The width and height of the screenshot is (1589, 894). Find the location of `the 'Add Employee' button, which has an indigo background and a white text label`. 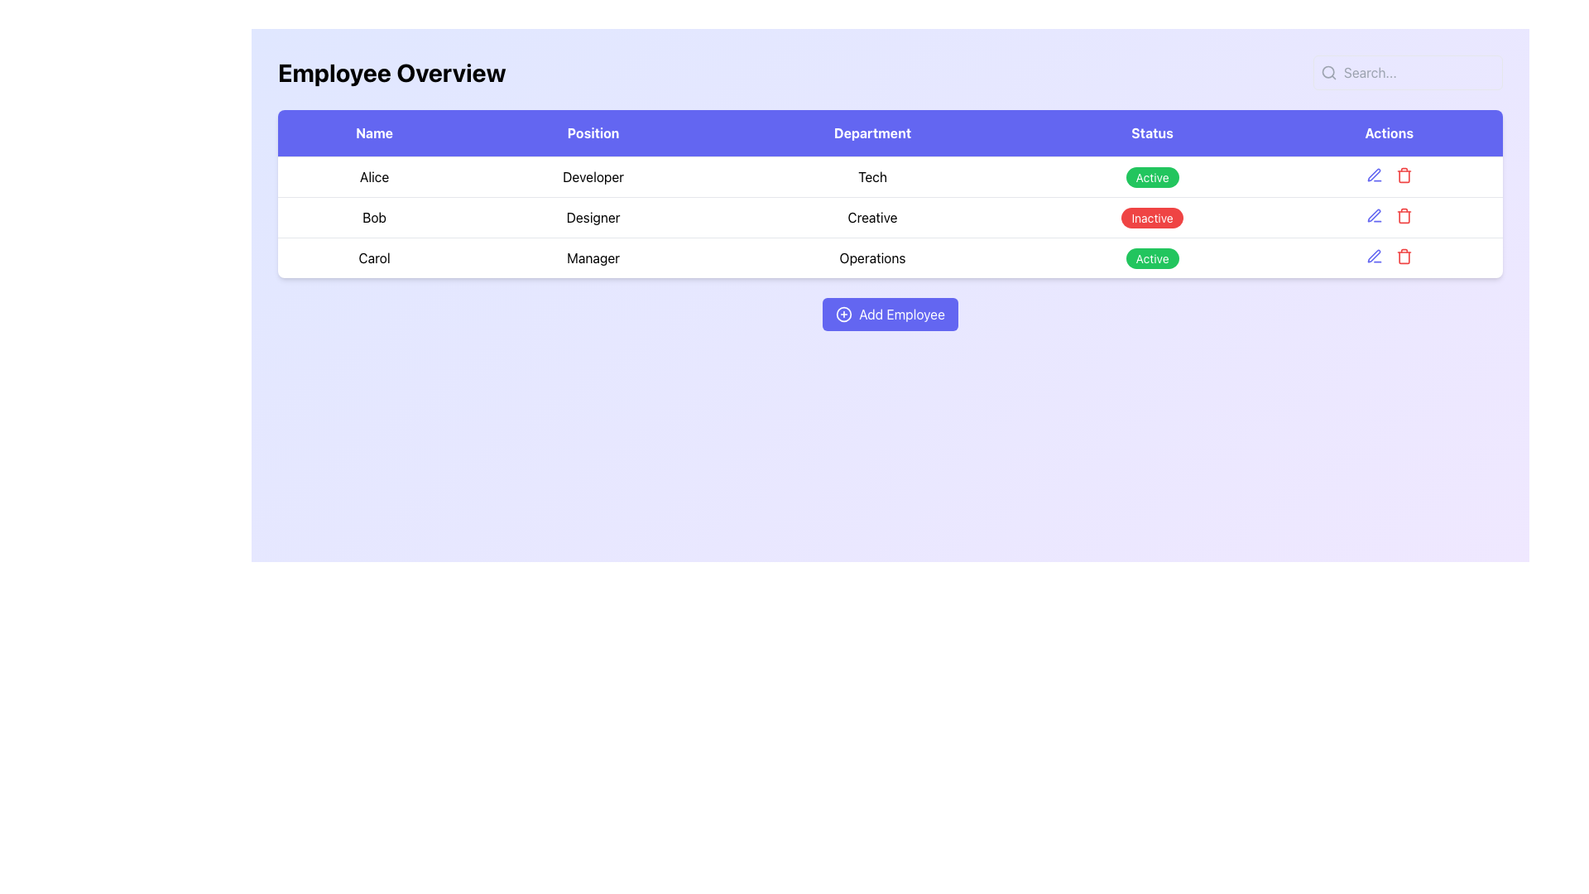

the 'Add Employee' button, which has an indigo background and a white text label is located at coordinates (889, 315).